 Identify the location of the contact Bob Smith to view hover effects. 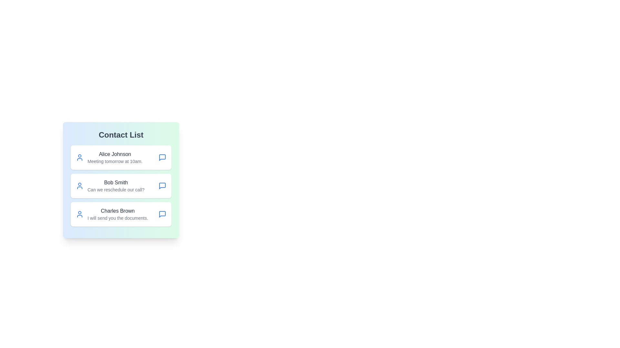
(121, 186).